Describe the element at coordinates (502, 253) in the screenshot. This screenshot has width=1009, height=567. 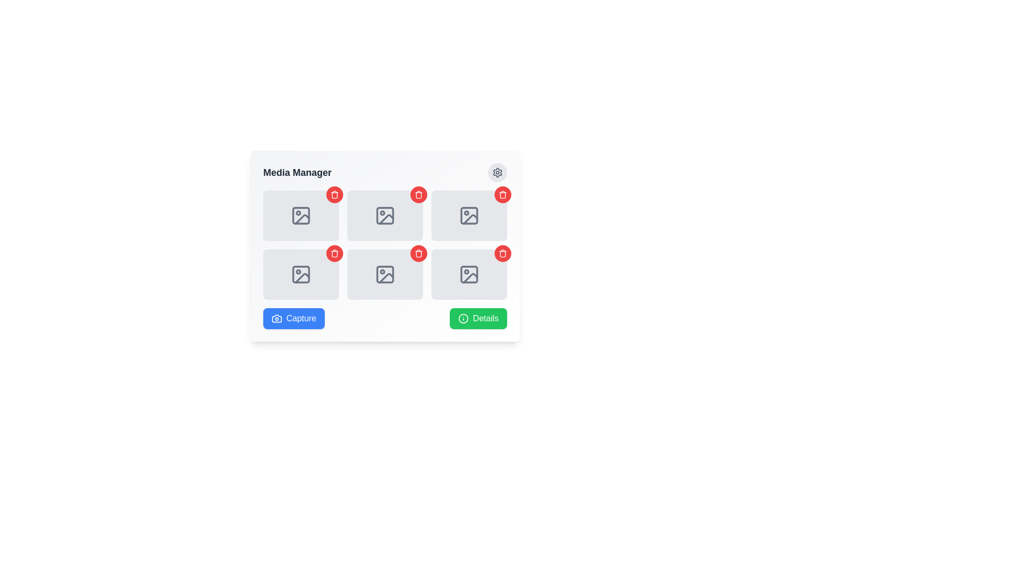
I see `the delete icon button located at the top-right corner of the third media box in the second row to initiate a delete action` at that location.